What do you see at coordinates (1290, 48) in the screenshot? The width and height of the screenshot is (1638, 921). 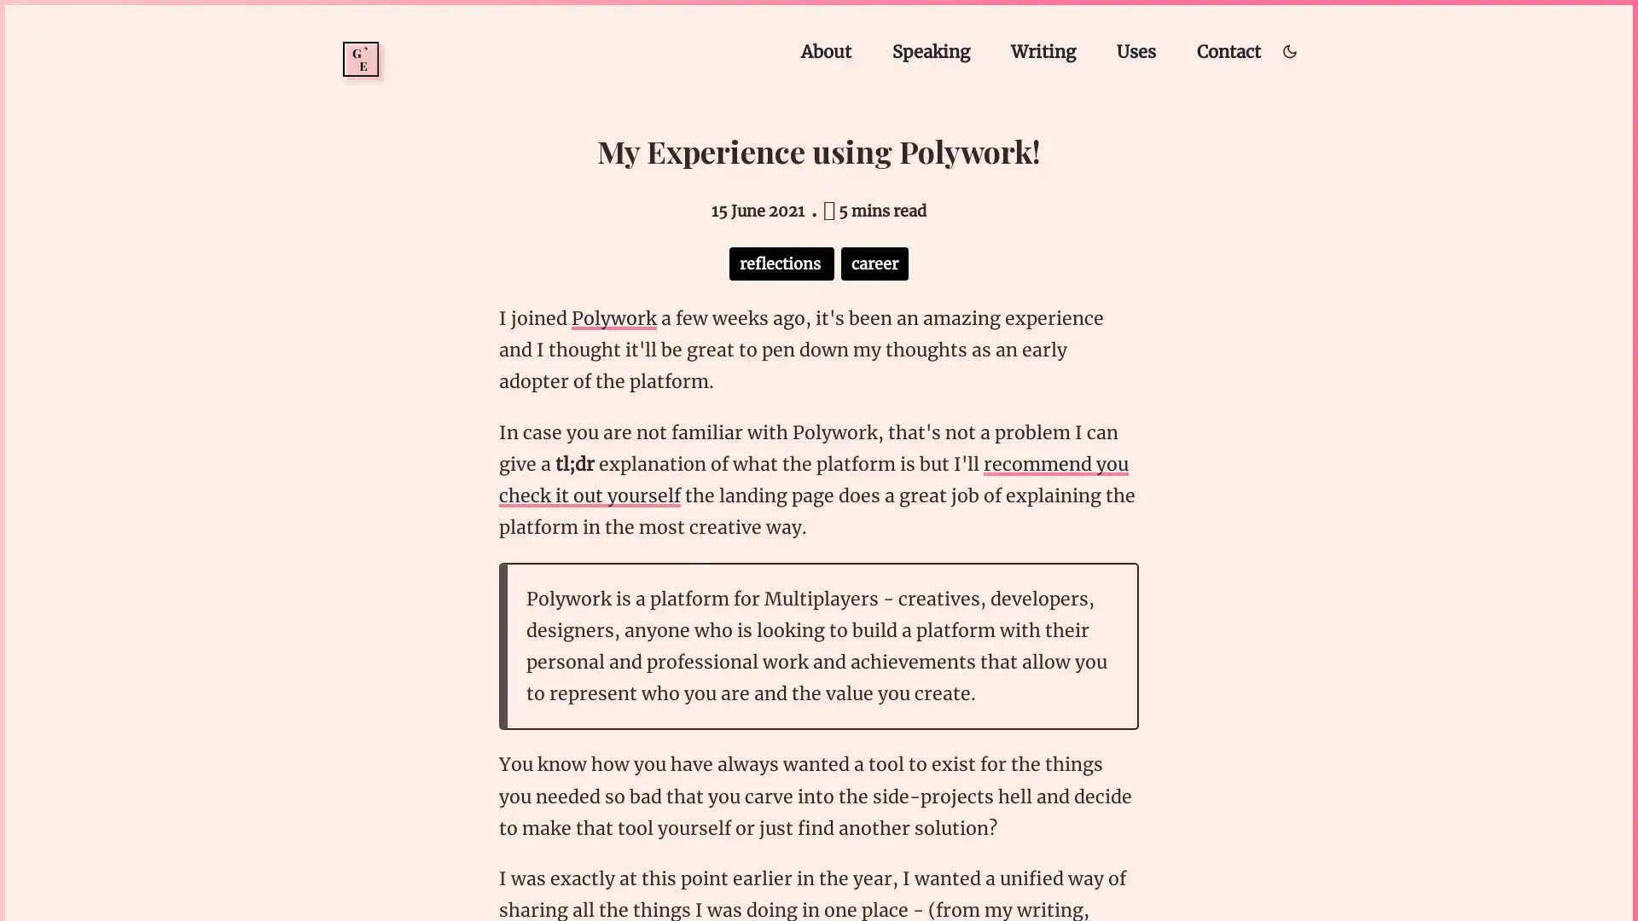 I see `Toggle dark/light` at bounding box center [1290, 48].